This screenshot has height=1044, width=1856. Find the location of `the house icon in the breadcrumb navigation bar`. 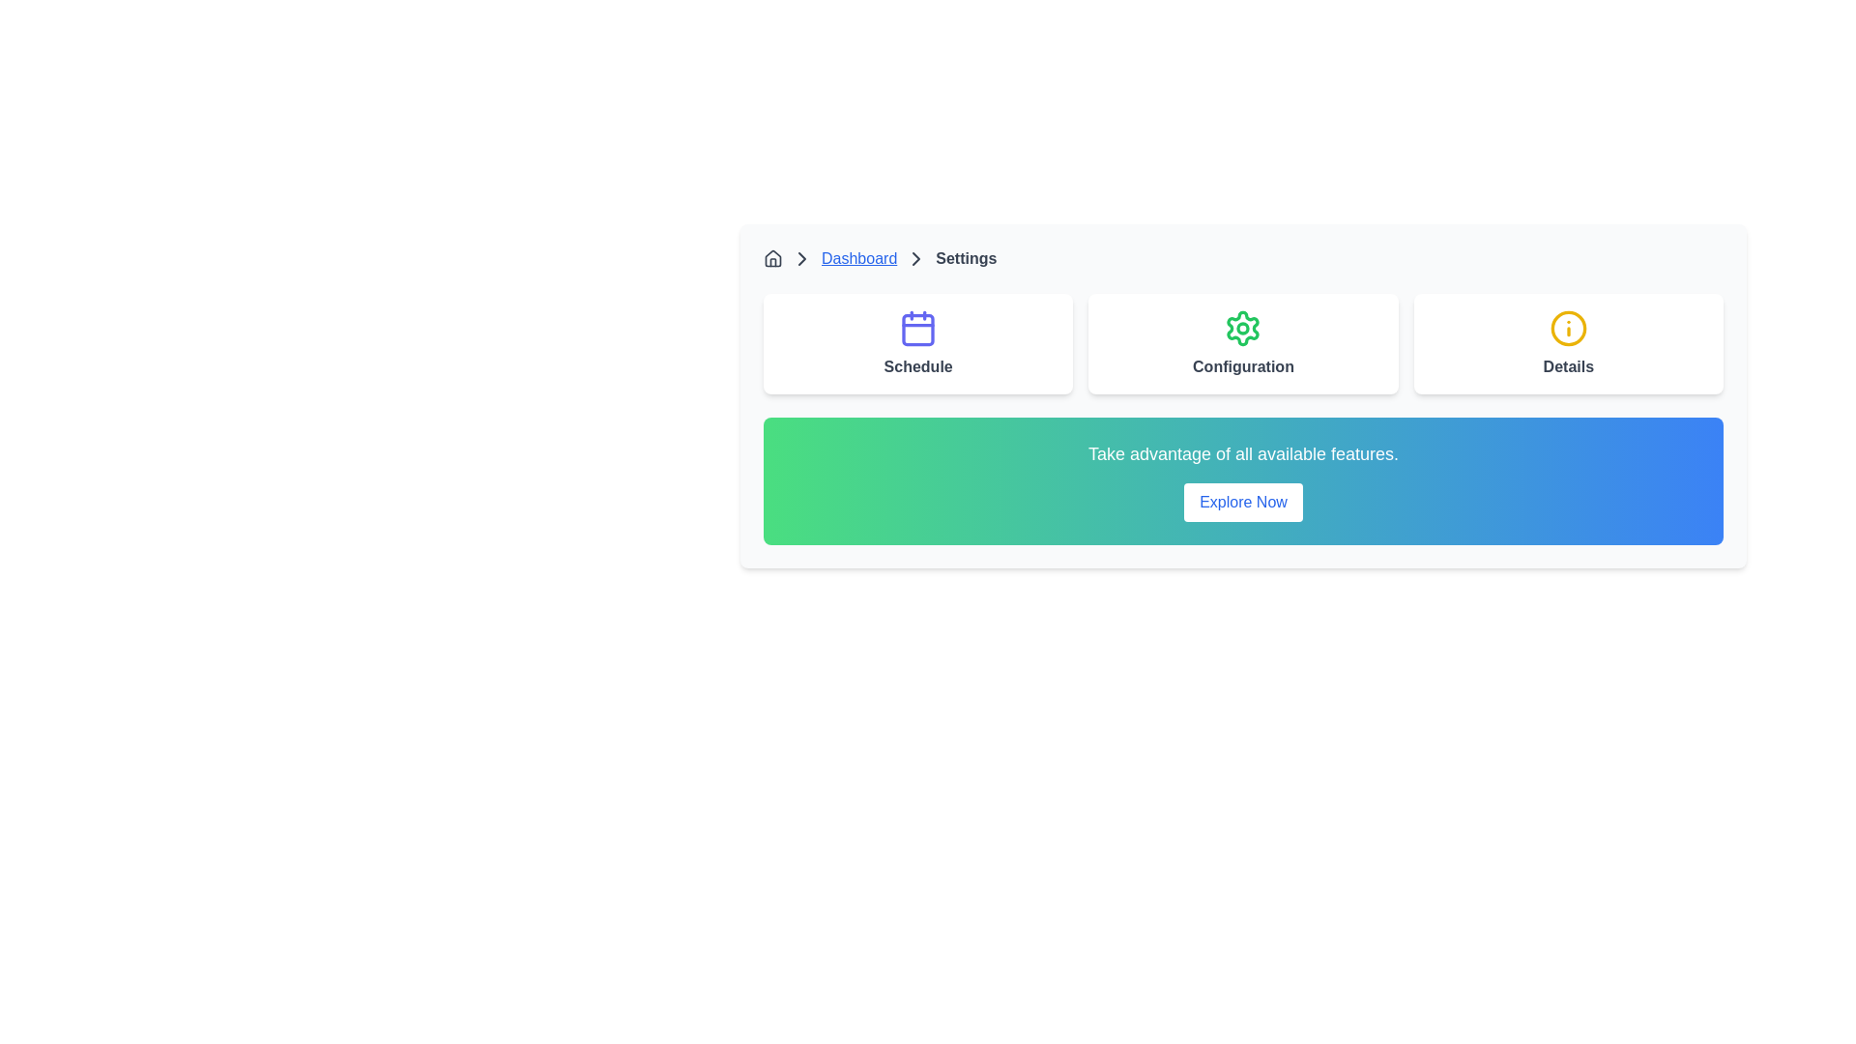

the house icon in the breadcrumb navigation bar is located at coordinates (773, 256).